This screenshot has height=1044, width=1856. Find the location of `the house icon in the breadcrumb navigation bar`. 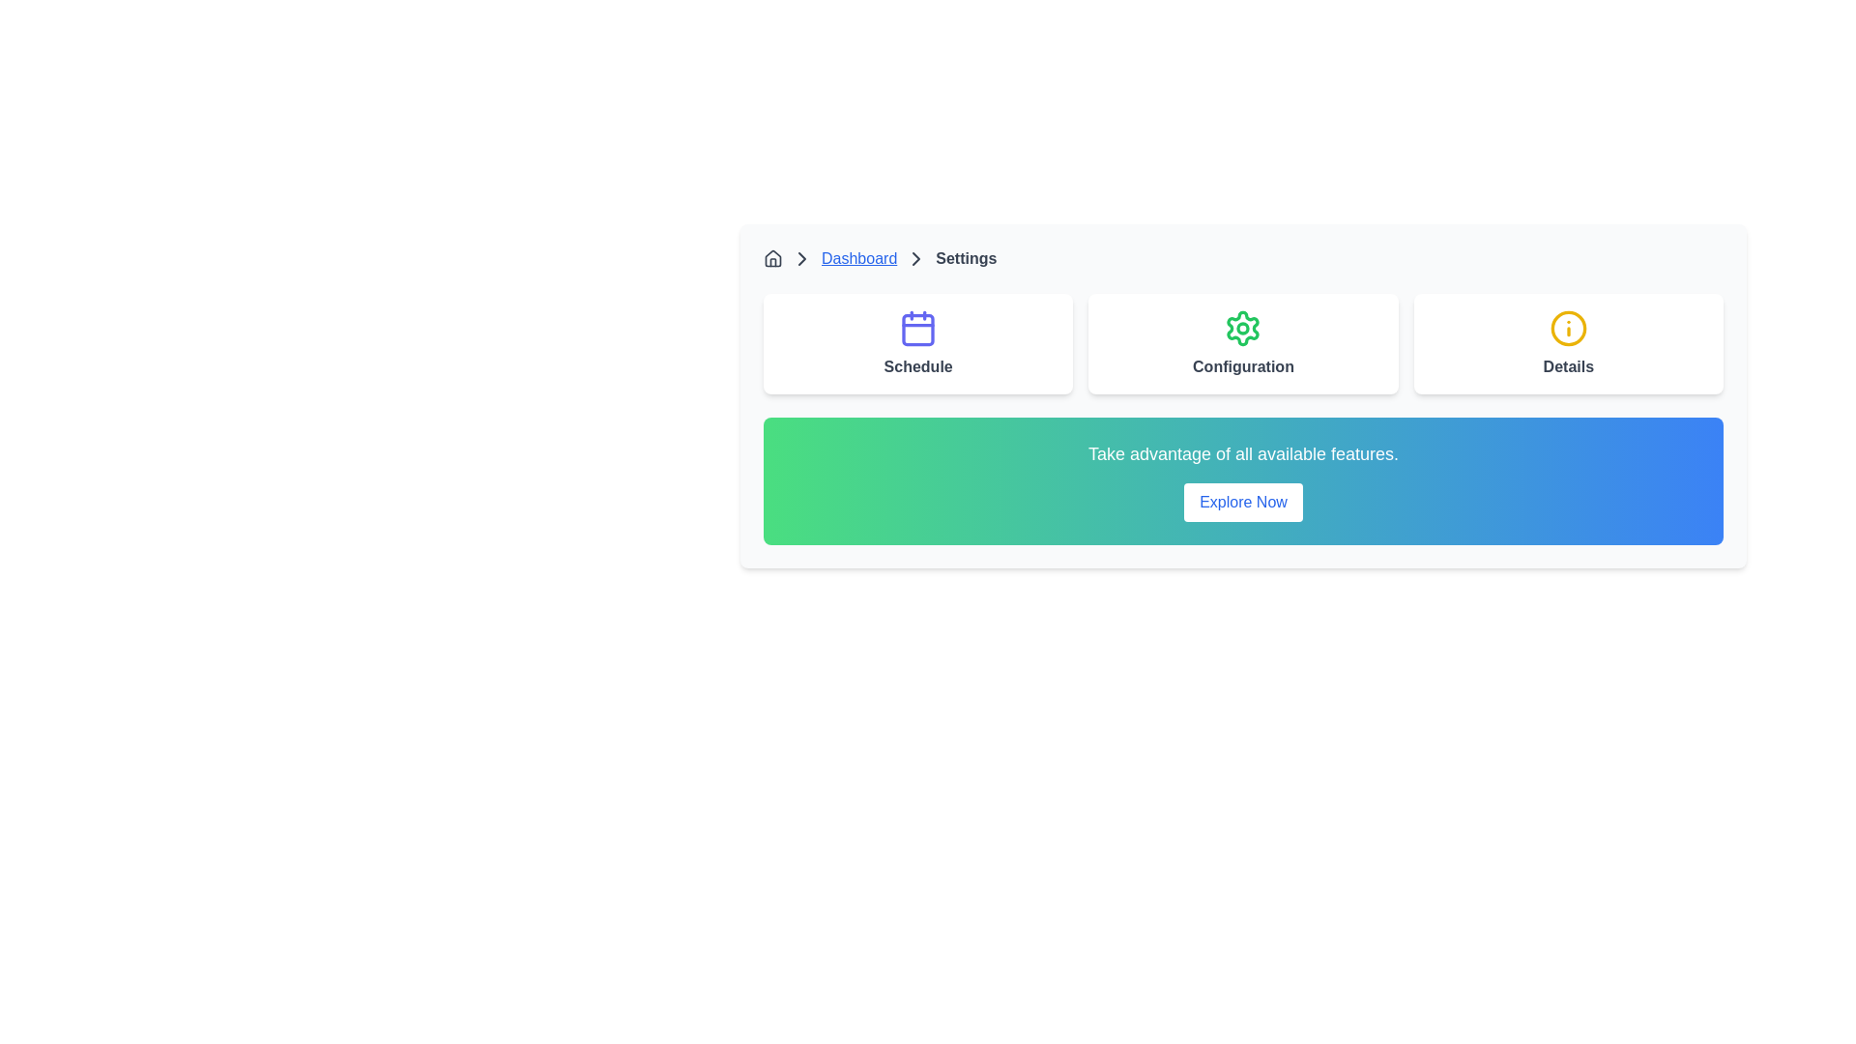

the house icon in the breadcrumb navigation bar is located at coordinates (773, 256).